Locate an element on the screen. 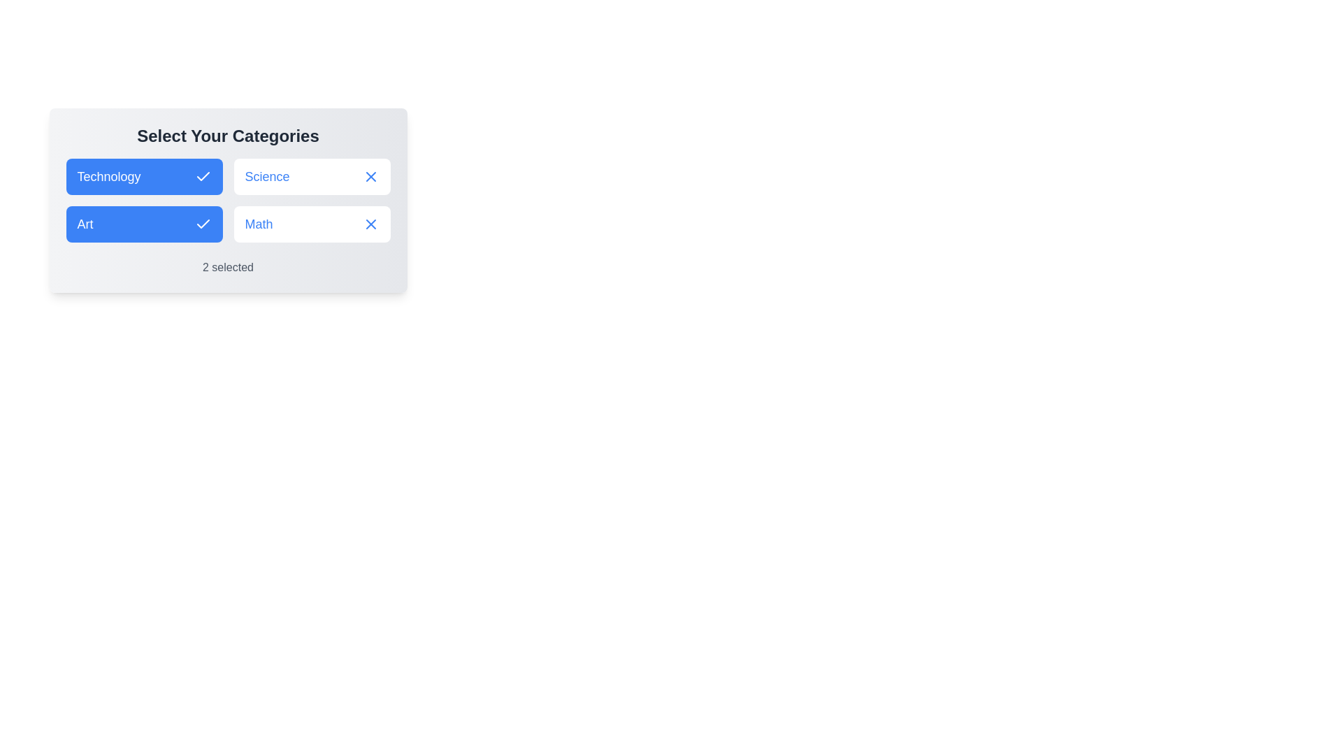  the chip labeled Art is located at coordinates (144, 223).